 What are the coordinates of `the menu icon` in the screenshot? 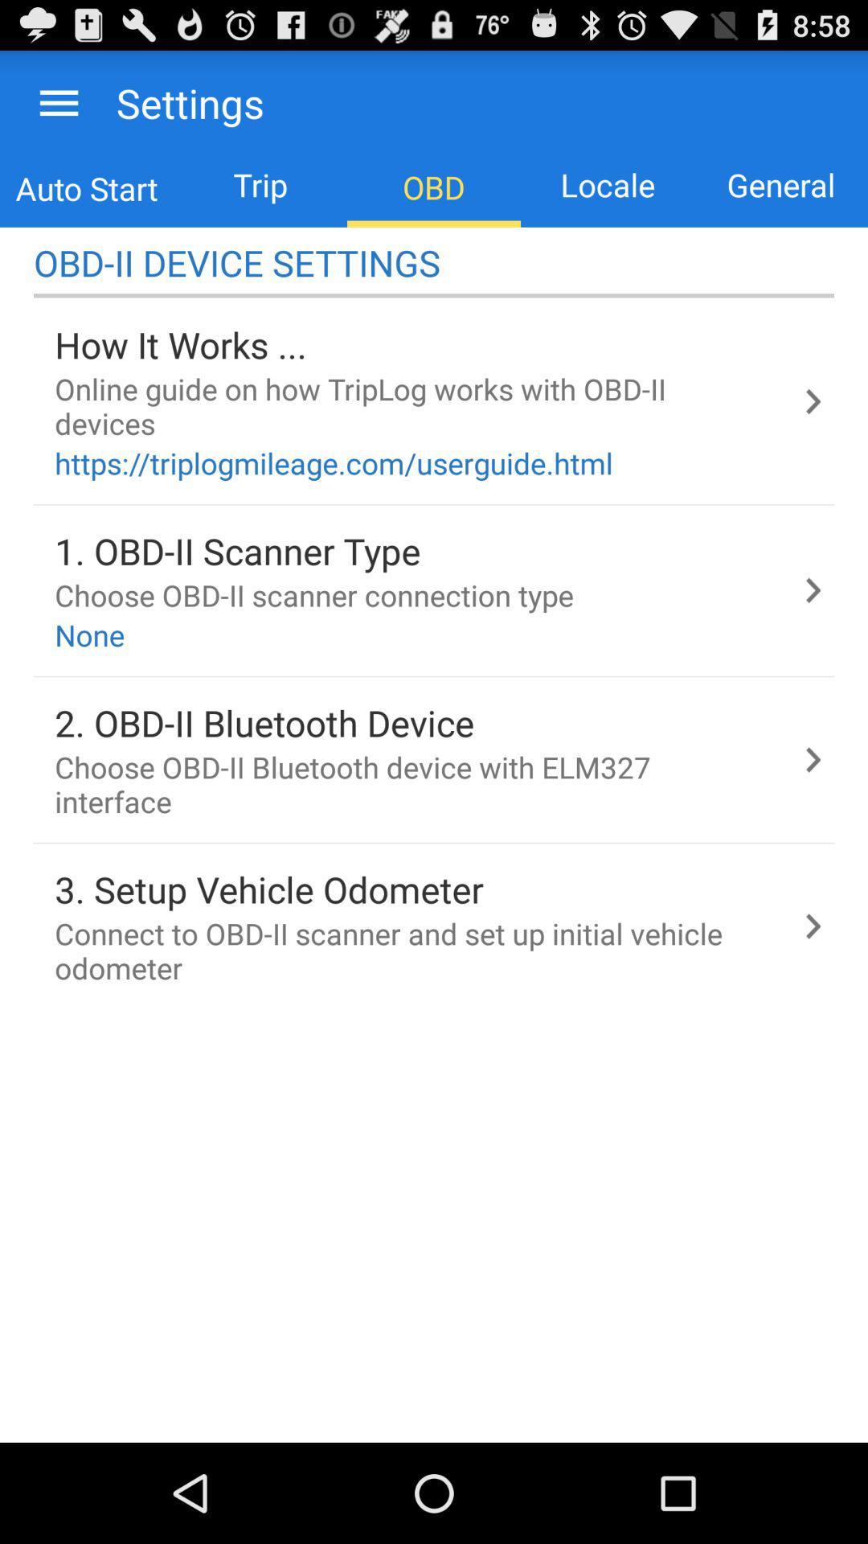 It's located at (58, 109).